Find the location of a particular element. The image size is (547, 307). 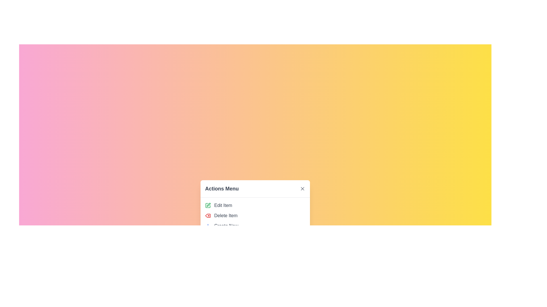

the SVG 'X' icon located at the top-right corner of the 'Actions Menu' pop-up is located at coordinates (302, 188).